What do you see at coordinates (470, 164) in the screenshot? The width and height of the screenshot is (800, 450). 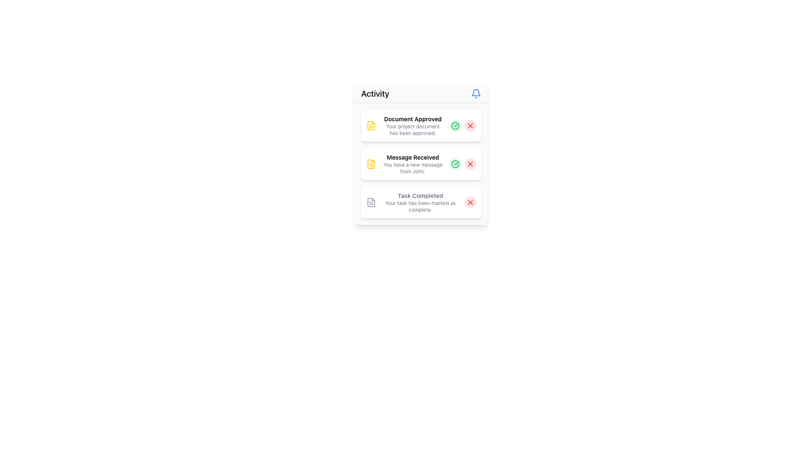 I see `the button for marking the 'Message Received' task as rejected or canceled, located on the right side of the second activity item labeled 'Message Received', next to the green check-mark icon` at bounding box center [470, 164].